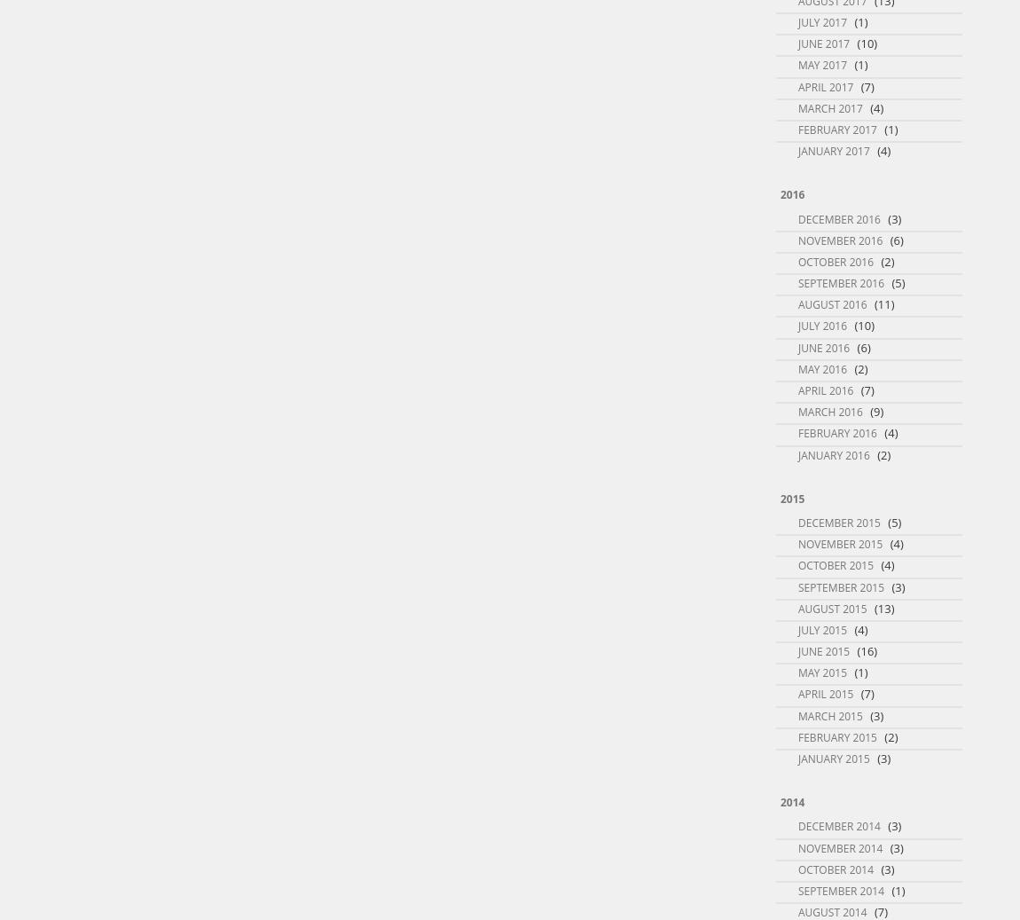  I want to click on 'May 2017', so click(822, 64).